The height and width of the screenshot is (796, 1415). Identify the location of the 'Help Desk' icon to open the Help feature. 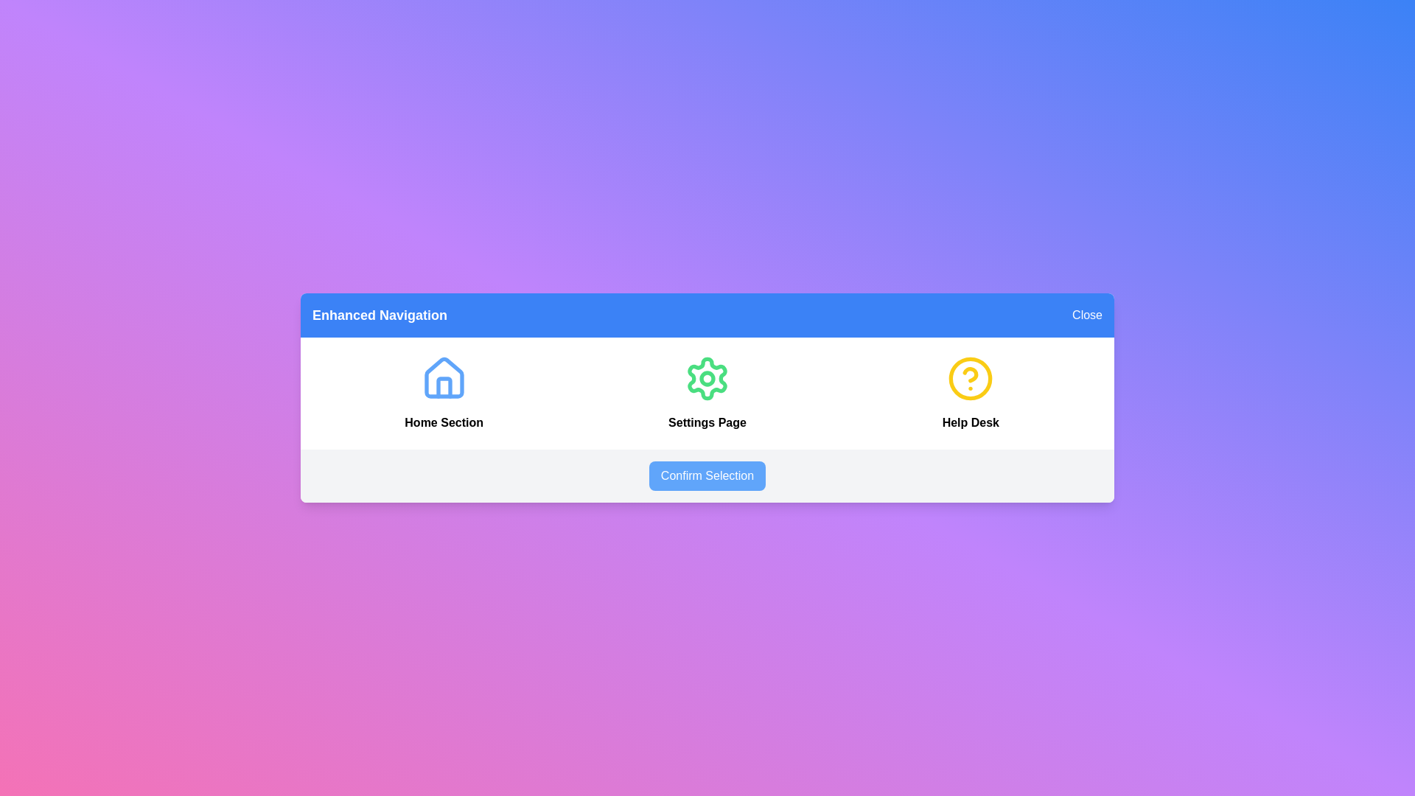
(970, 392).